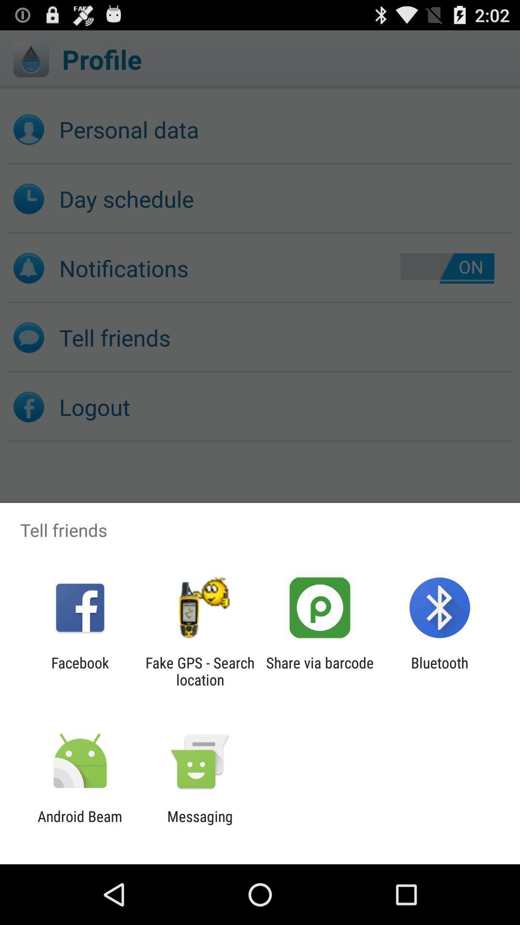 The width and height of the screenshot is (520, 925). What do you see at coordinates (79, 671) in the screenshot?
I see `the facebook item` at bounding box center [79, 671].